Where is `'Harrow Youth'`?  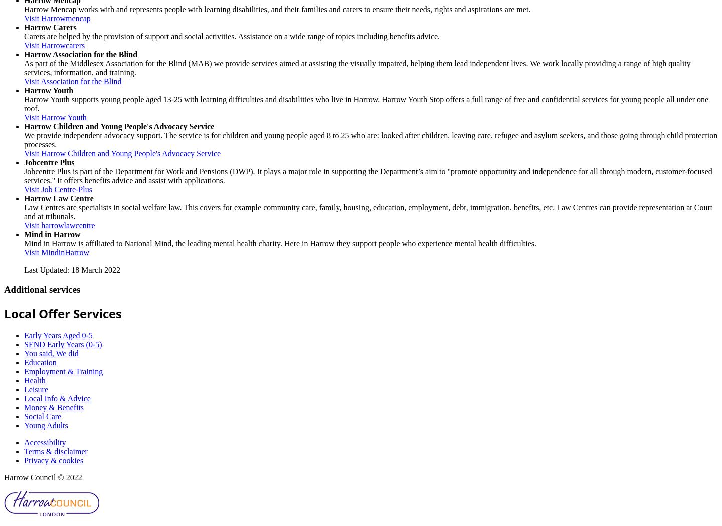
'Harrow Youth' is located at coordinates (49, 90).